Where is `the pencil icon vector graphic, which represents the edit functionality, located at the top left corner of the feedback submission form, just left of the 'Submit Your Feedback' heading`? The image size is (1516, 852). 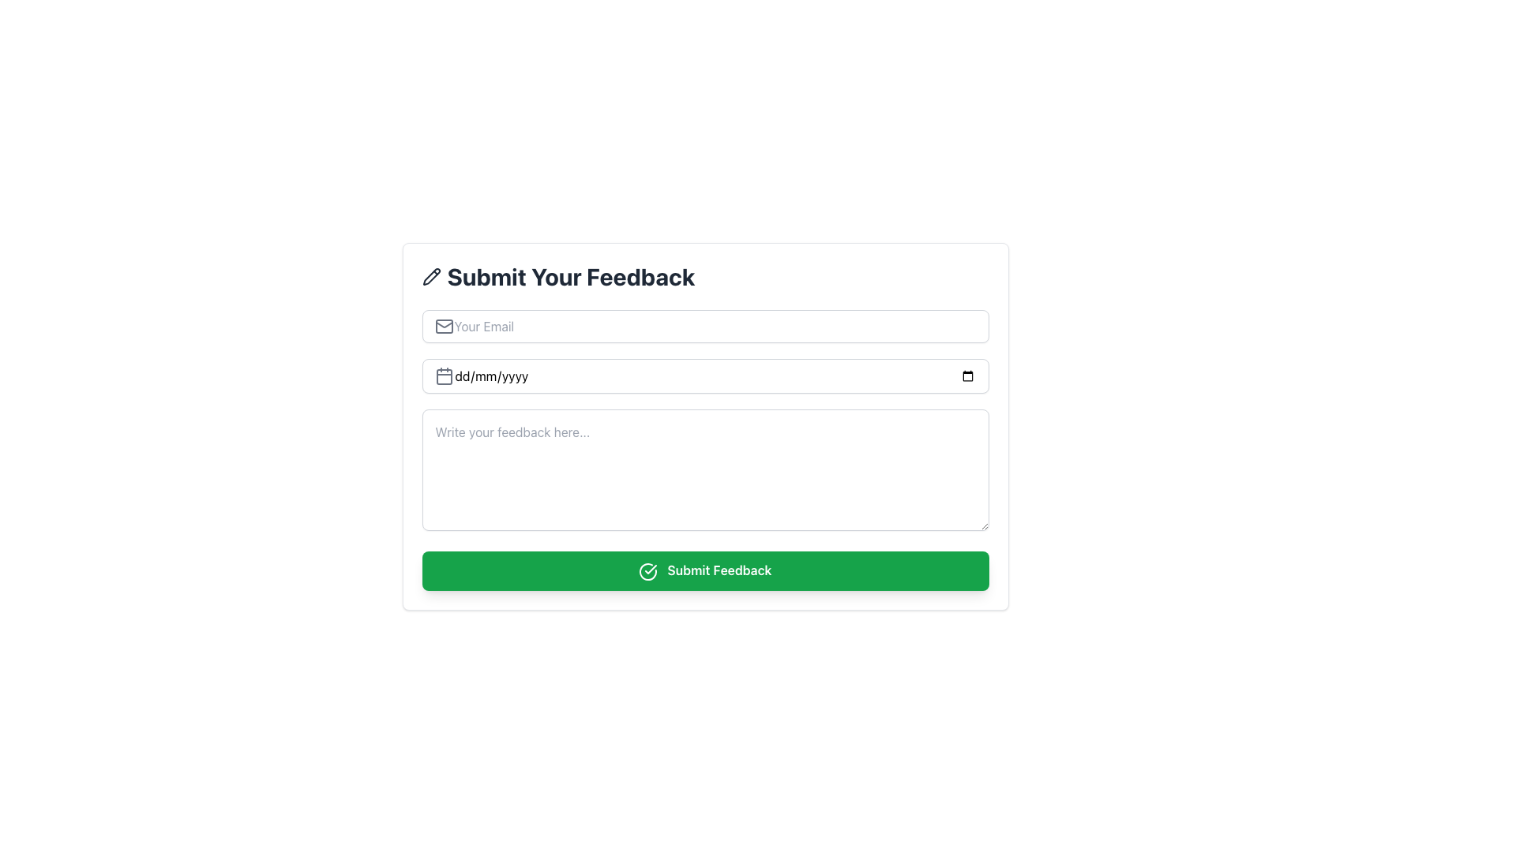 the pencil icon vector graphic, which represents the edit functionality, located at the top left corner of the feedback submission form, just left of the 'Submit Your Feedback' heading is located at coordinates (431, 276).